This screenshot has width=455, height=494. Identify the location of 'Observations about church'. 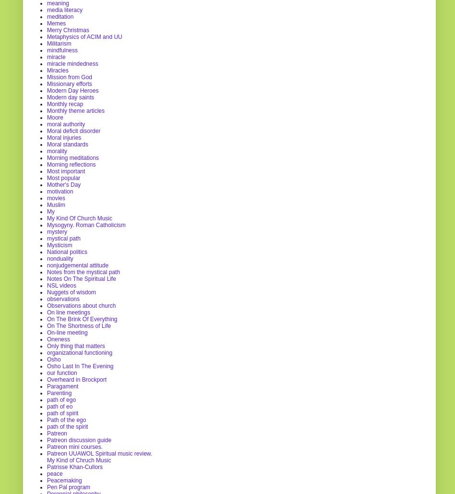
(81, 305).